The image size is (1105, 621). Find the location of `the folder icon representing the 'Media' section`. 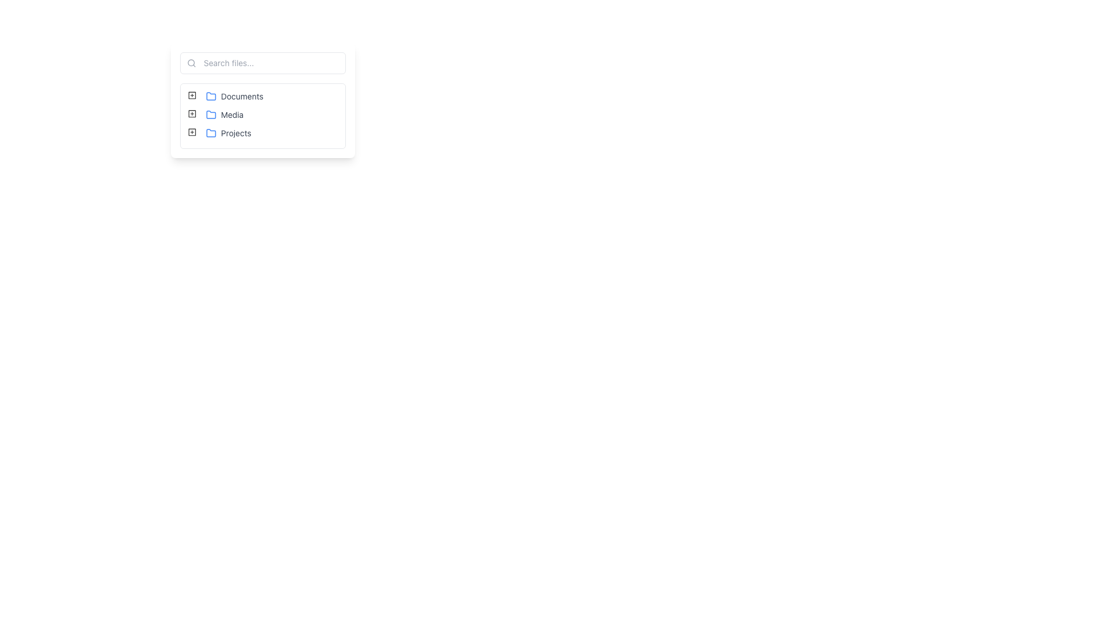

the folder icon representing the 'Media' section is located at coordinates (211, 114).